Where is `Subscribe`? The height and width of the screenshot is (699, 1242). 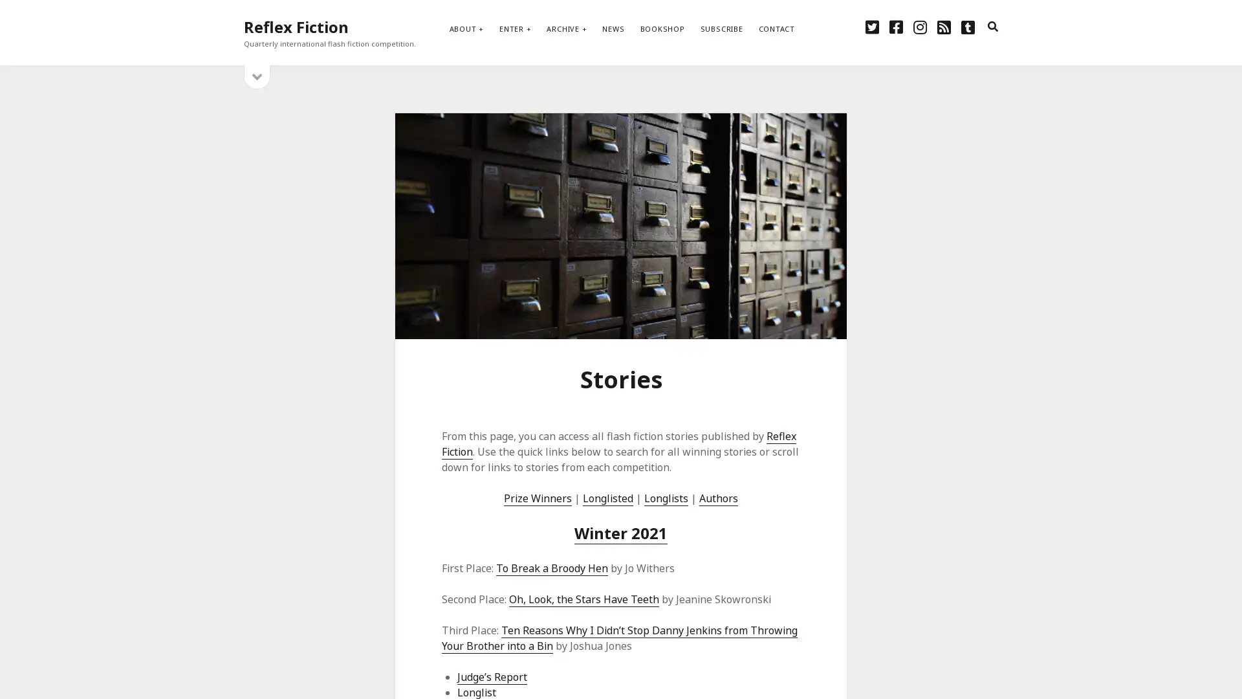 Subscribe is located at coordinates (781, 150).